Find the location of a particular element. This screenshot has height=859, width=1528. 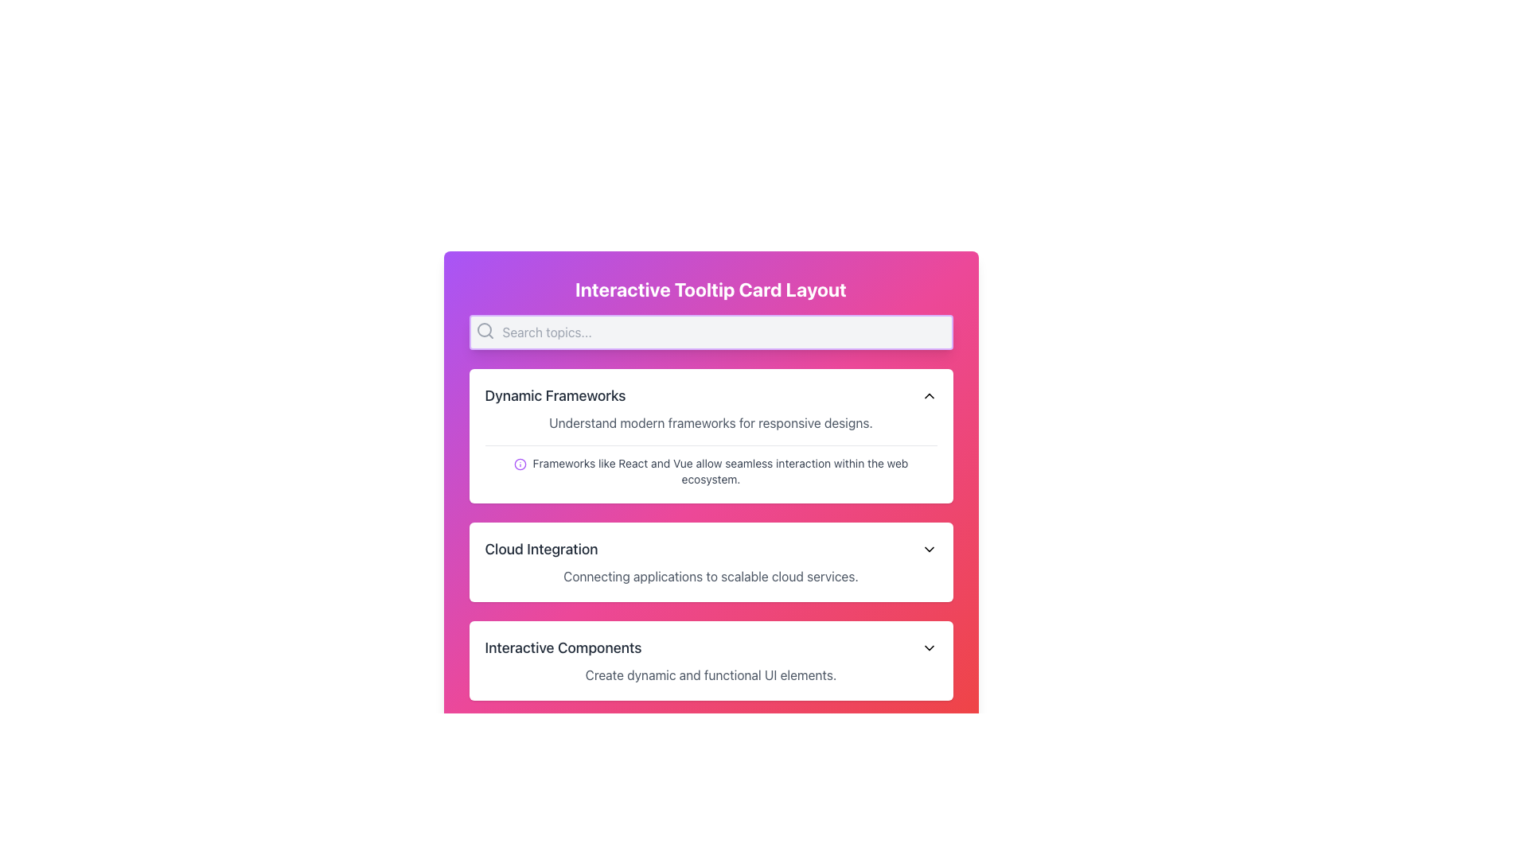

the informational card about cloud integration, which is the second card in a vertically stacked layout, positioned below 'Dynamic Frameworks' and above 'Interactive Components' is located at coordinates (710, 534).